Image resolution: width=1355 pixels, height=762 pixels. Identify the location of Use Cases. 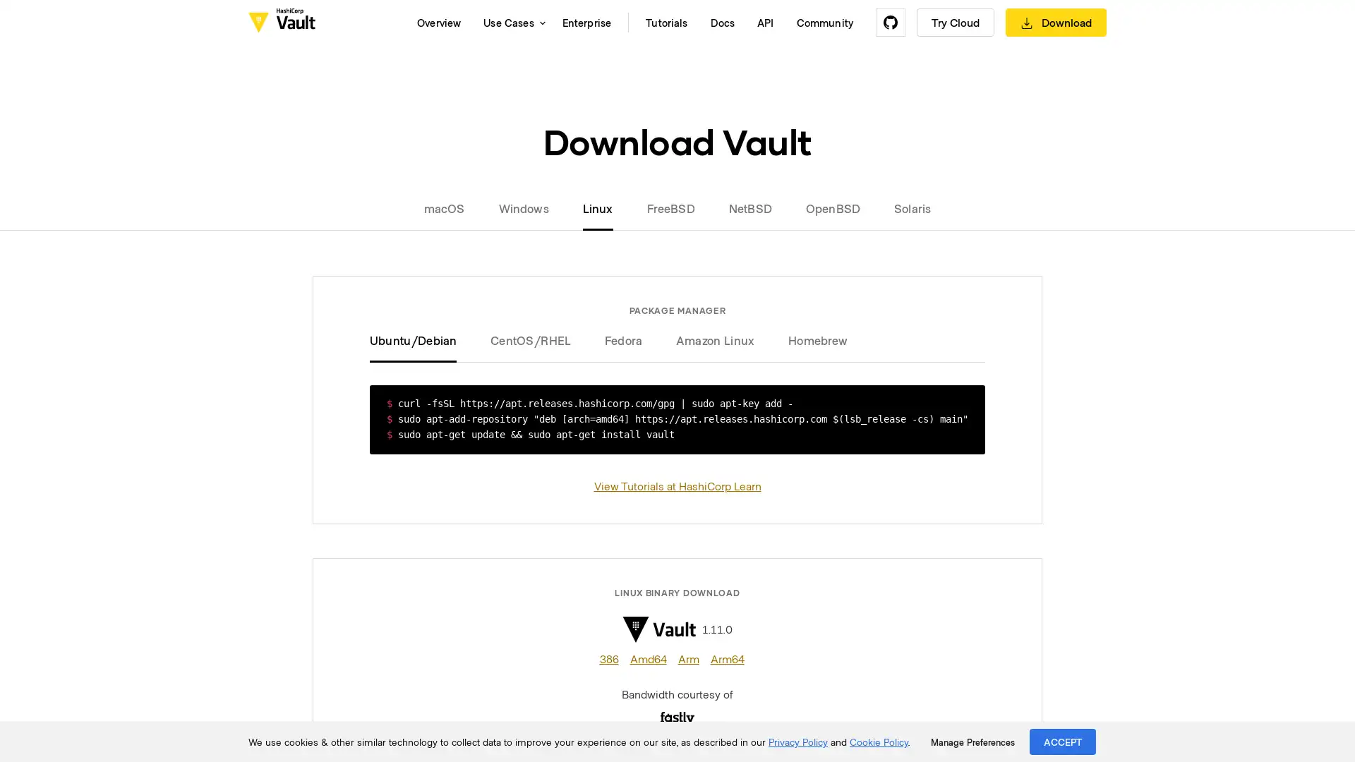
(510, 22).